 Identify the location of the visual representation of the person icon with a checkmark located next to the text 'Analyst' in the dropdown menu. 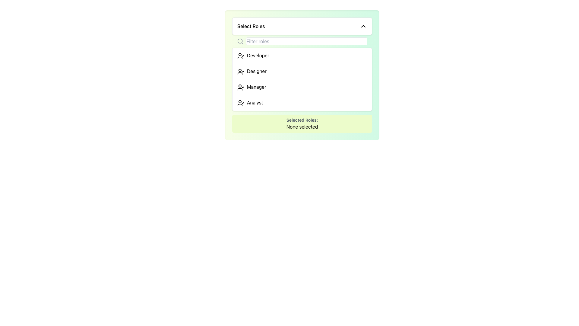
(240, 102).